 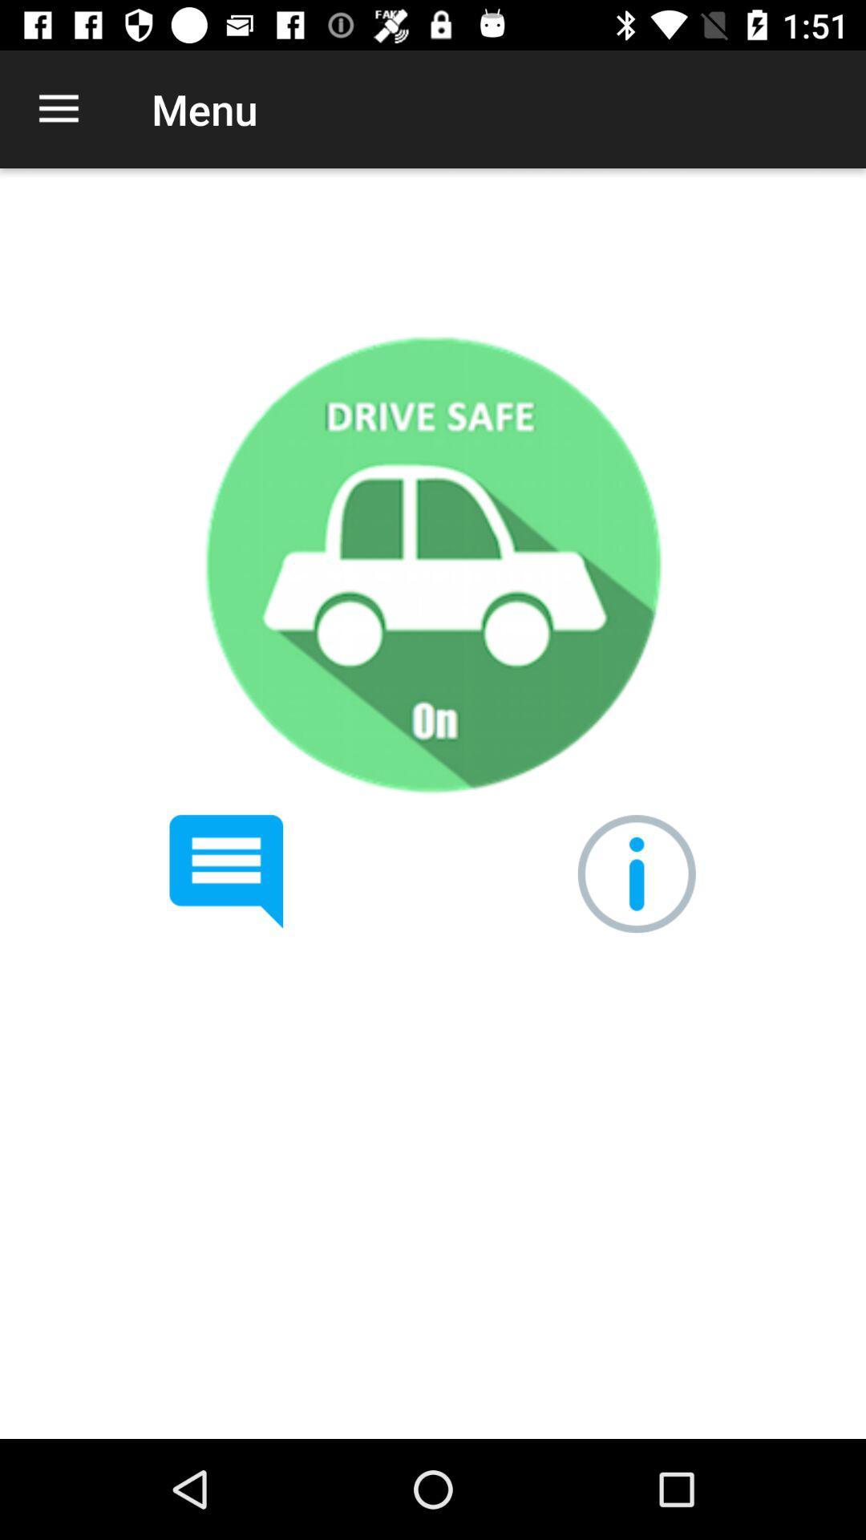 I want to click on the icon on the right, so click(x=636, y=873).